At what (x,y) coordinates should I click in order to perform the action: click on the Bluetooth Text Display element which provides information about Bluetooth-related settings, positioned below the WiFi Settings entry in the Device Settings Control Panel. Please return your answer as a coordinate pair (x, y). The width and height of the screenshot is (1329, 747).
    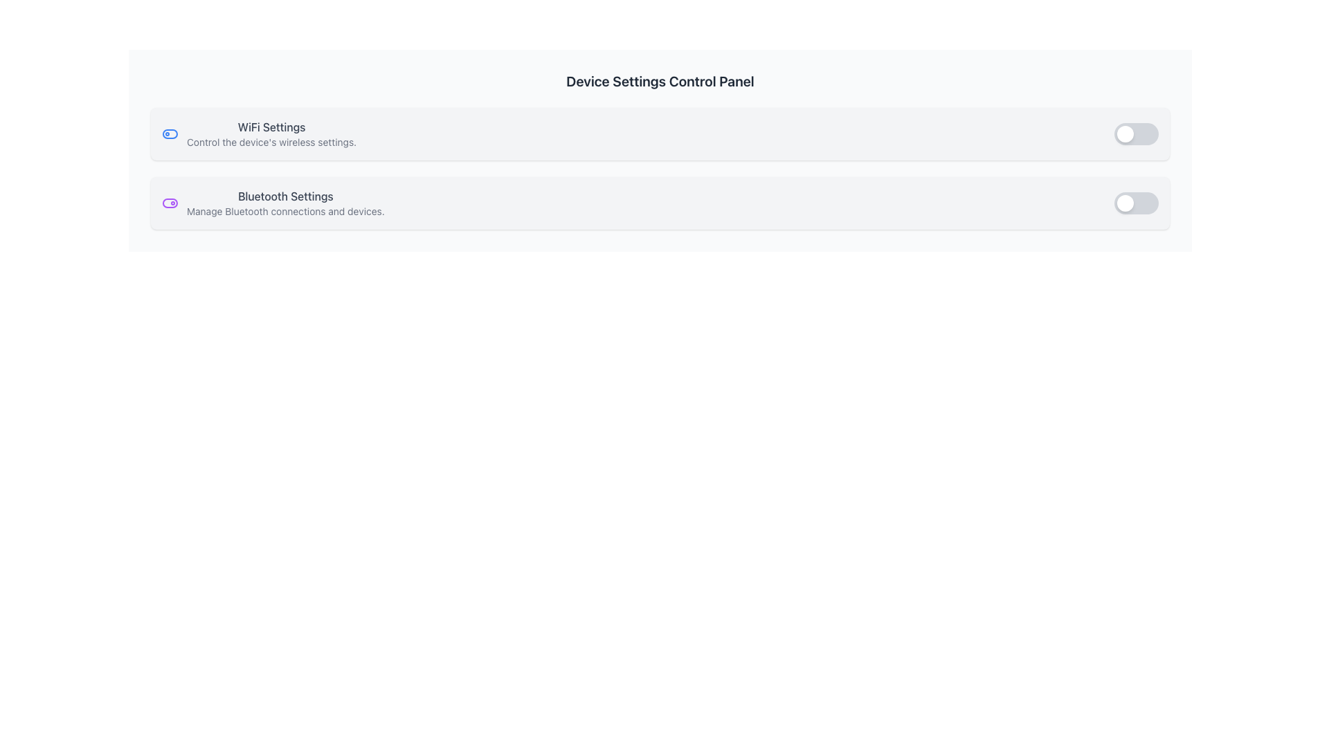
    Looking at the image, I should click on (284, 203).